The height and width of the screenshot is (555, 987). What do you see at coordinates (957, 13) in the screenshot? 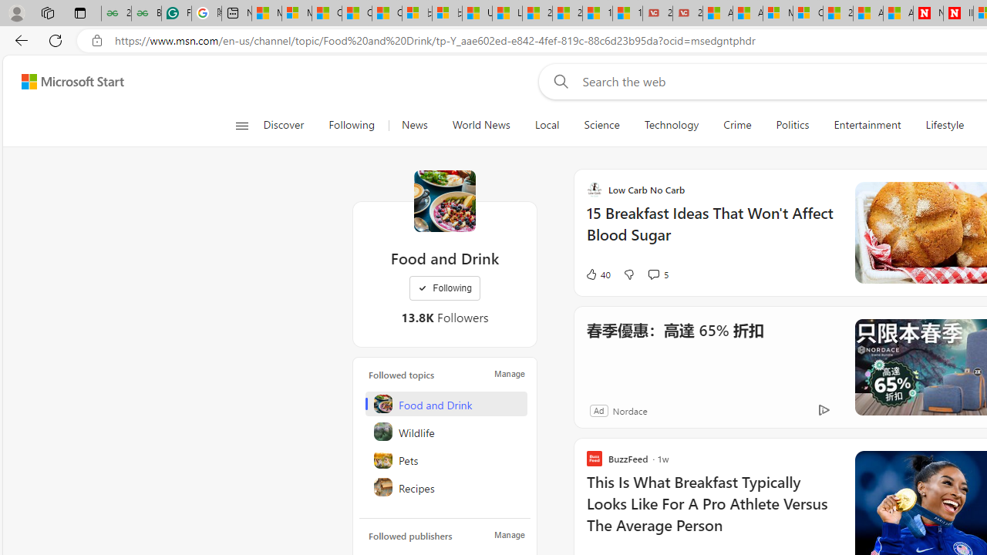
I see `'Illness news & latest pictures from Newsweek.com'` at bounding box center [957, 13].